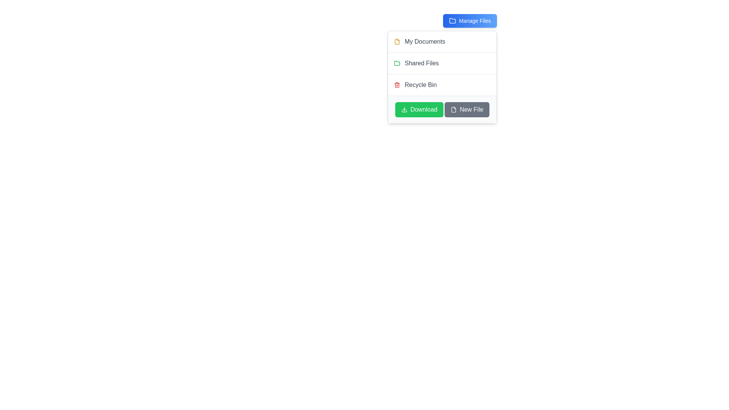  I want to click on the first item in the vertical list that serves as an entry point for accessing the 'My Documents' section, so click(442, 42).